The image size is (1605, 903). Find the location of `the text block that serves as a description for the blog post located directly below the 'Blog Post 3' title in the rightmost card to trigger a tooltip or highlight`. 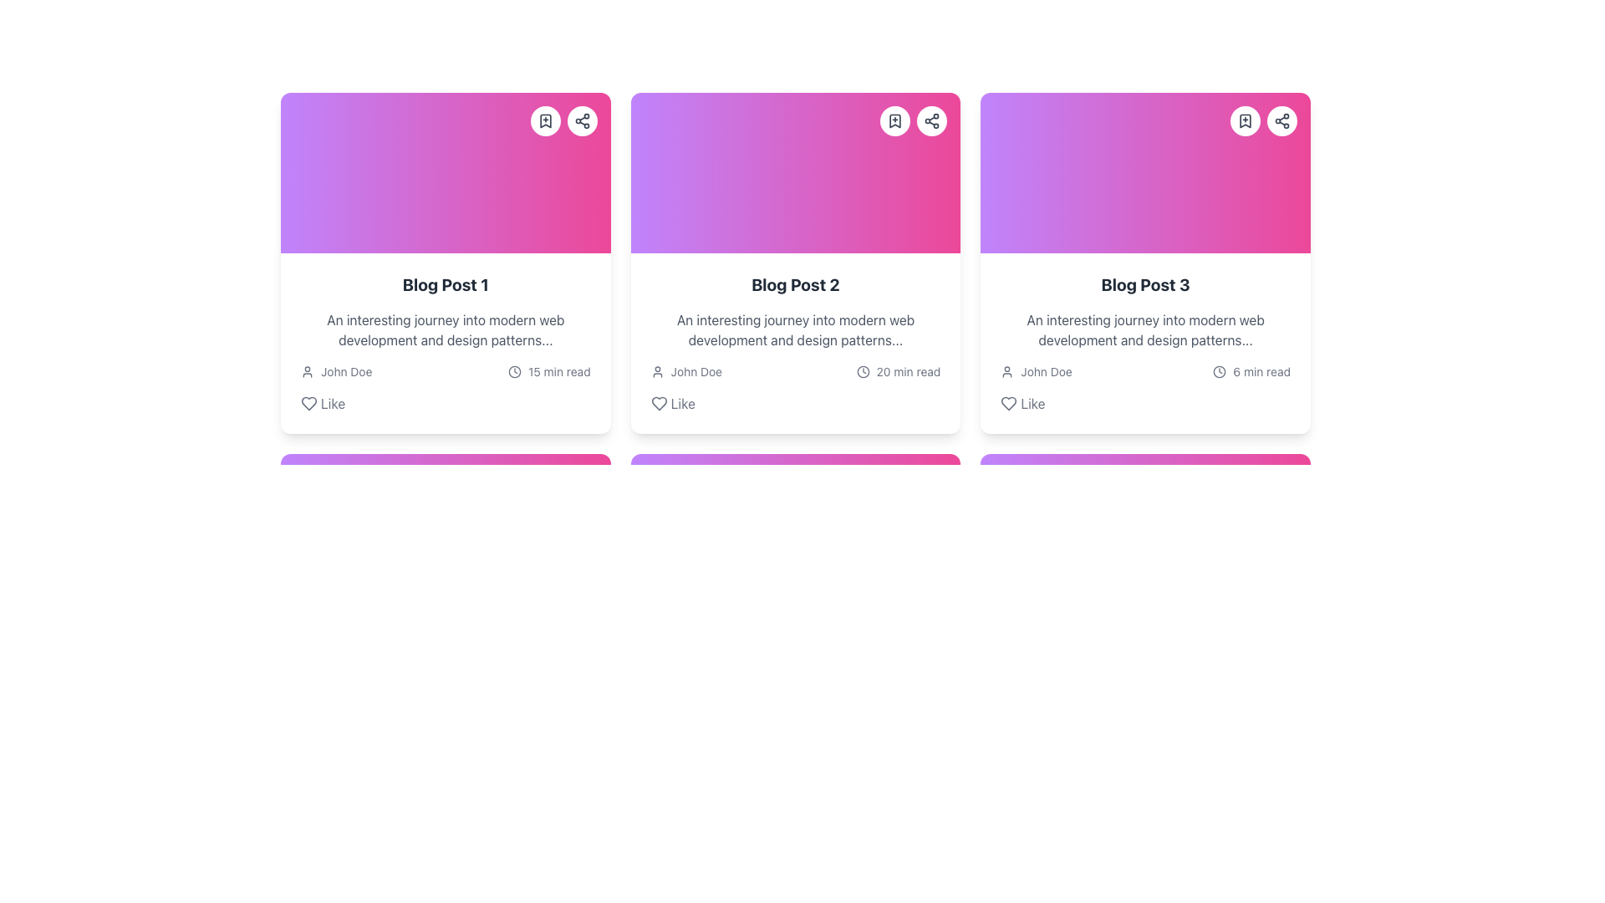

the text block that serves as a description for the blog post located directly below the 'Blog Post 3' title in the rightmost card to trigger a tooltip or highlight is located at coordinates (1144, 329).